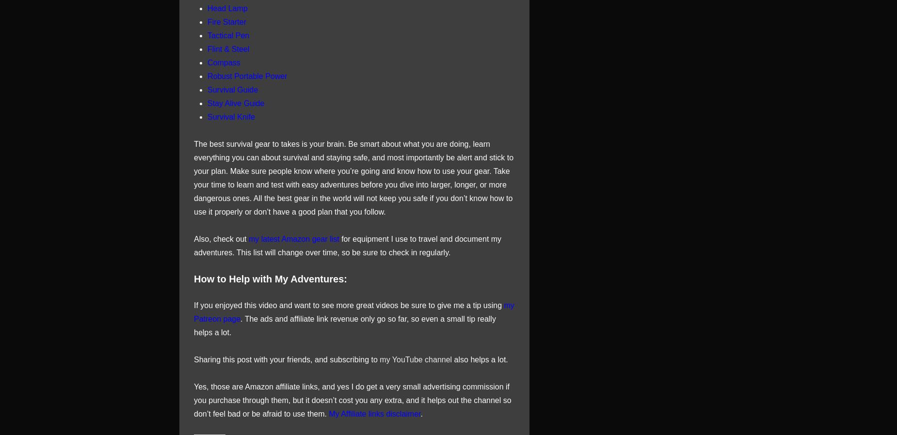  I want to click on 'Fire Starter', so click(227, 21).